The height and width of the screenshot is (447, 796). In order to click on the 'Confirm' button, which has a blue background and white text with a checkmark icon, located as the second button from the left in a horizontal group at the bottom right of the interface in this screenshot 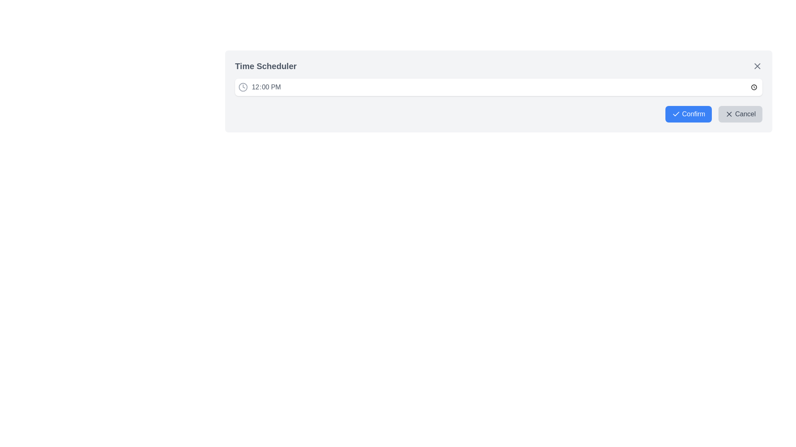, I will do `click(689, 114)`.